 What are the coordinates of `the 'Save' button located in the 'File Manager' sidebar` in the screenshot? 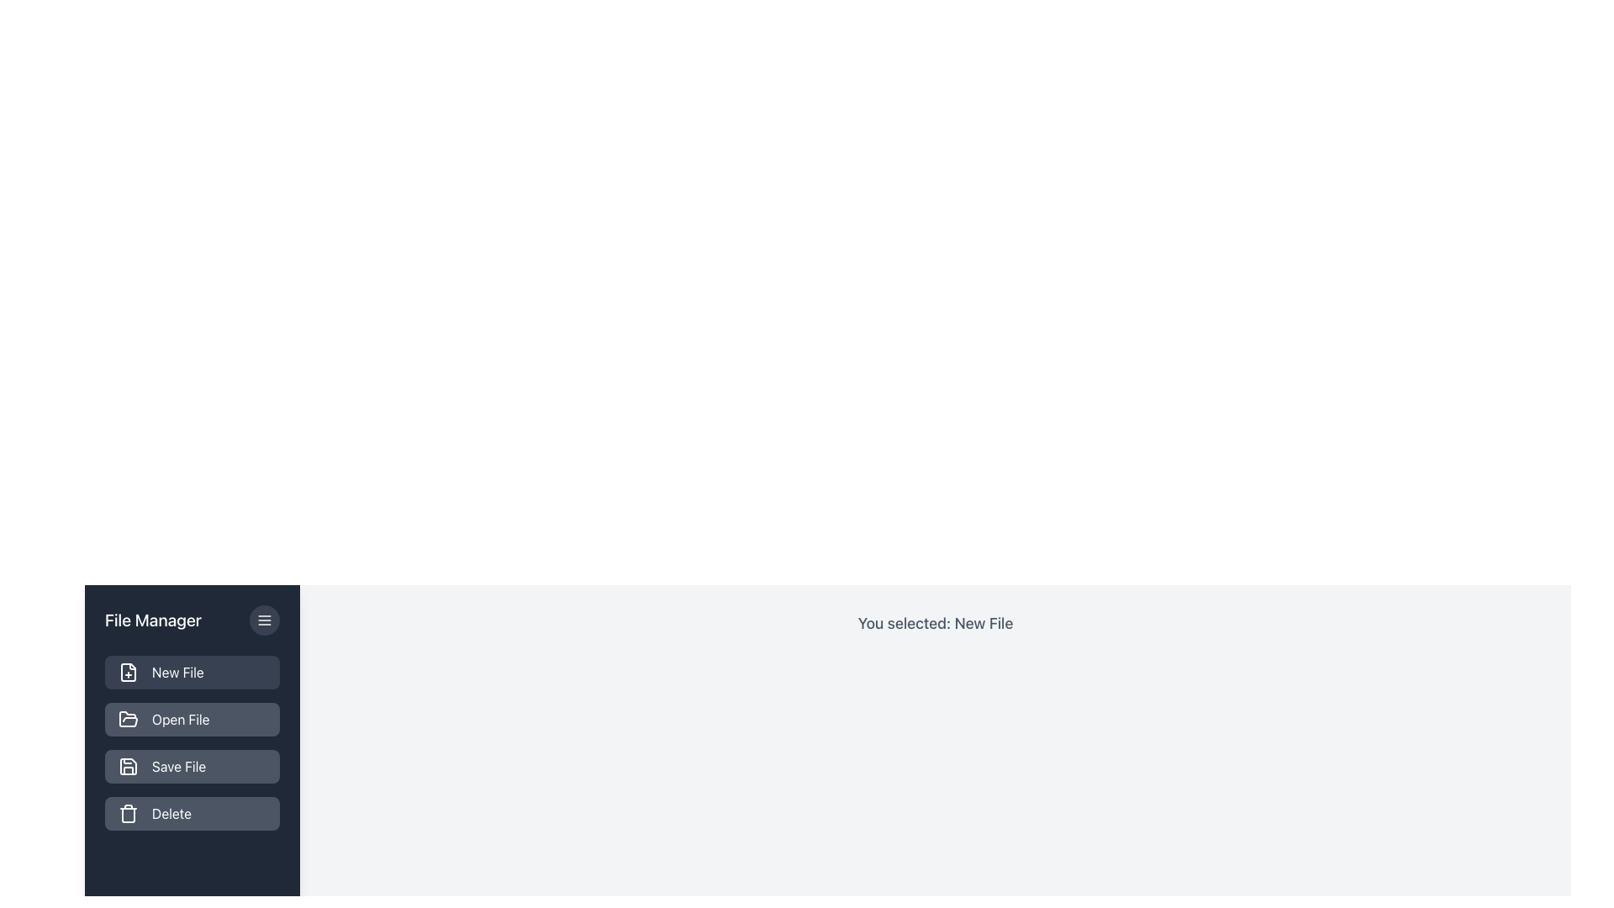 It's located at (193, 766).